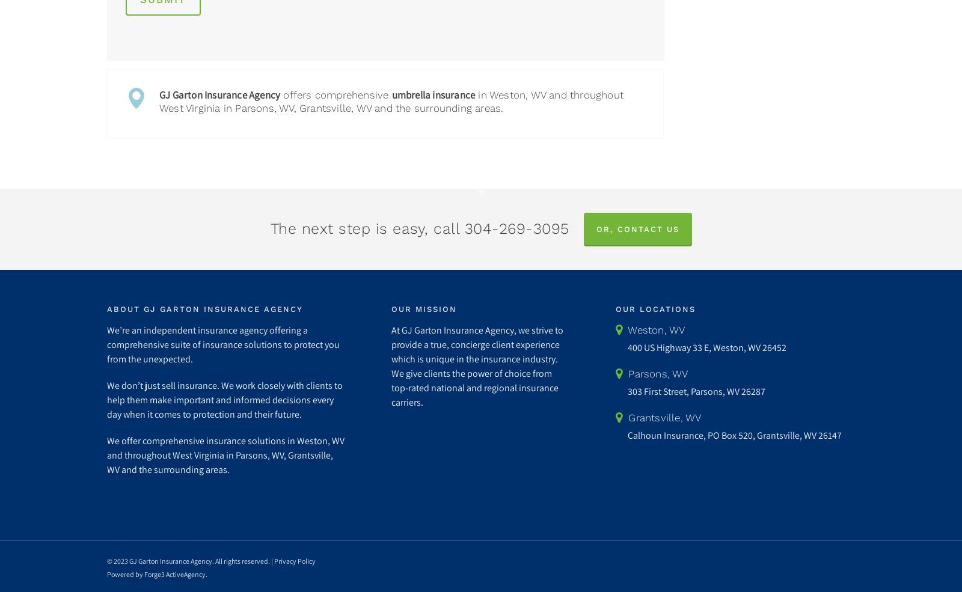 The width and height of the screenshot is (962, 592). Describe the element at coordinates (663, 418) in the screenshot. I see `'Grantsville, WV'` at that location.